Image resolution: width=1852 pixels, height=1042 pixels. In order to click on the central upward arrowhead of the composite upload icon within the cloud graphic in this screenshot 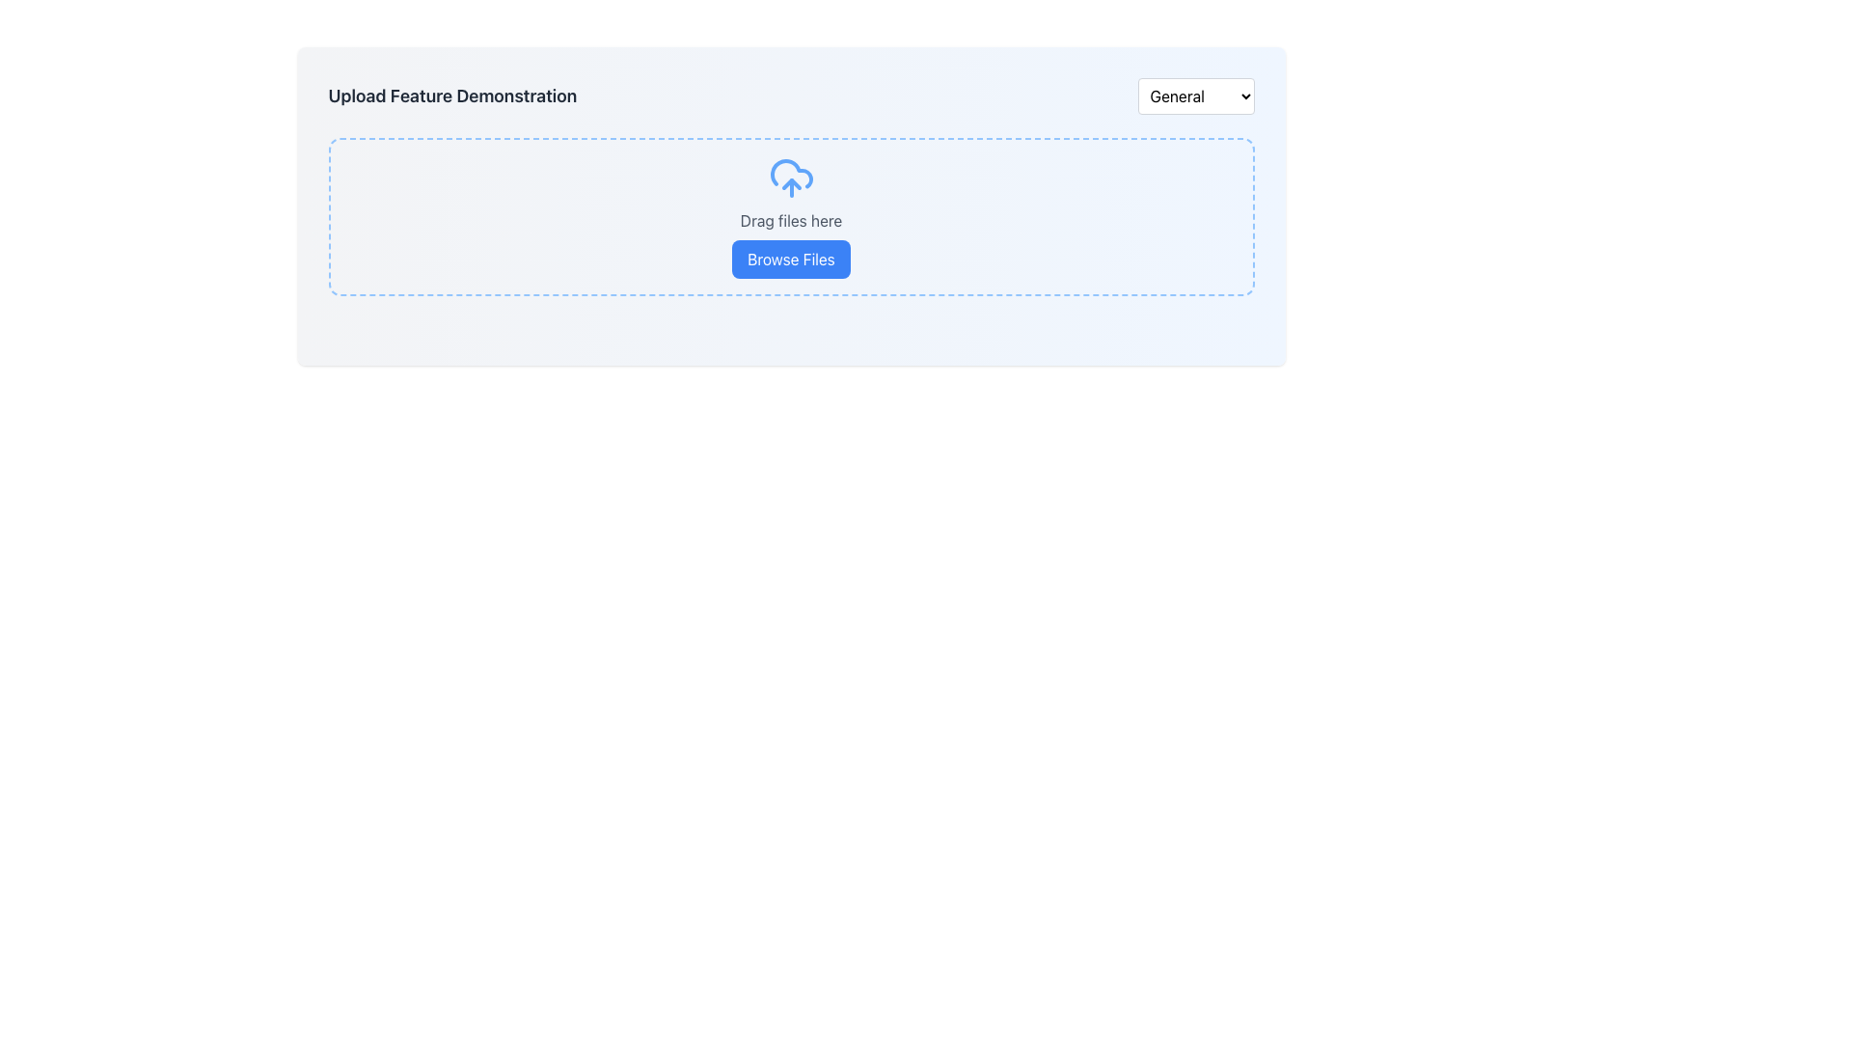, I will do `click(791, 184)`.